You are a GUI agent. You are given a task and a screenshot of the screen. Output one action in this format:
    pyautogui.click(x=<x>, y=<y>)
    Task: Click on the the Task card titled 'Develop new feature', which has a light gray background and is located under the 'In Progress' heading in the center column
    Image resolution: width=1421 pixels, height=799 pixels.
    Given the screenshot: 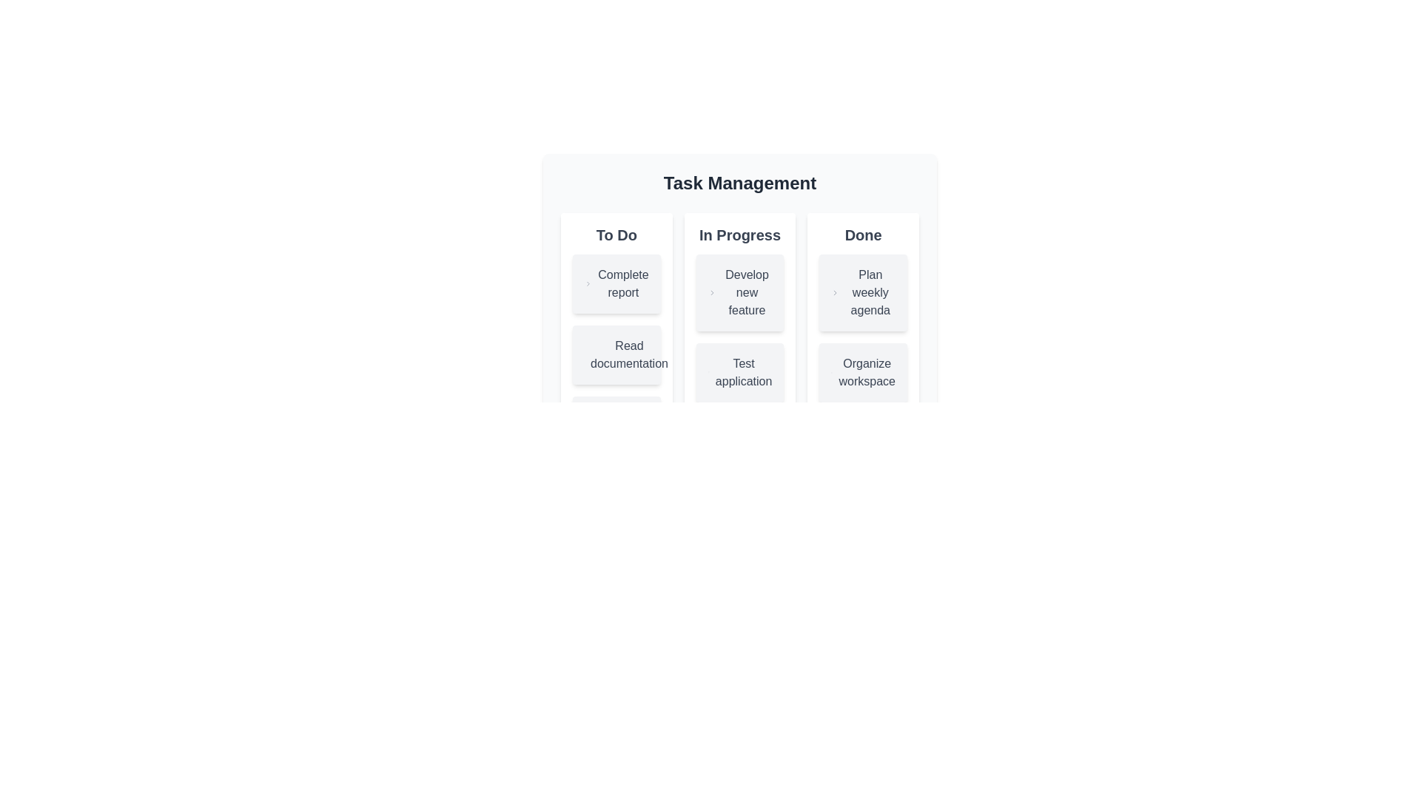 What is the action you would take?
    pyautogui.click(x=739, y=269)
    